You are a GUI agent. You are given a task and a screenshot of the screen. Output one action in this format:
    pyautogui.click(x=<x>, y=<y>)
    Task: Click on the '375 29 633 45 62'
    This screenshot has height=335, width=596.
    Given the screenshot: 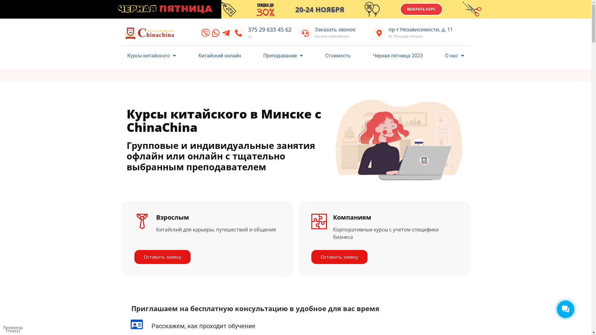 What is the action you would take?
    pyautogui.click(x=269, y=29)
    